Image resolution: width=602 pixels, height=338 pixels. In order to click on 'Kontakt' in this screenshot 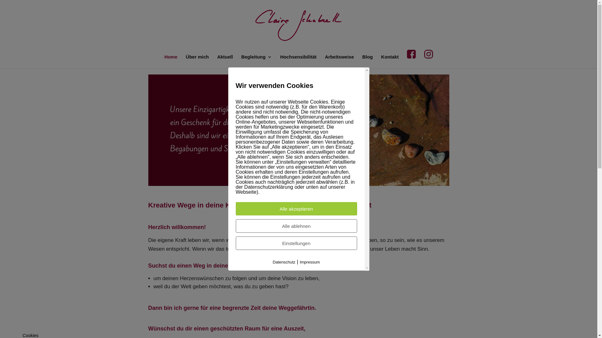, I will do `click(389, 61)`.